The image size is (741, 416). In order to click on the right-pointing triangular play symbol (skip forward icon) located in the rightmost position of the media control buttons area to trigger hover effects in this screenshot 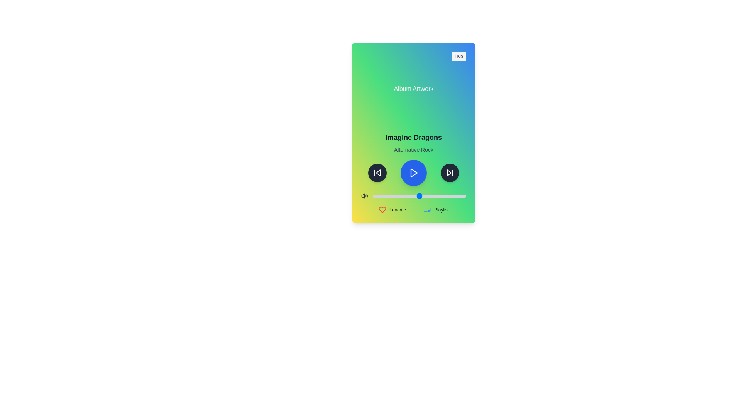, I will do `click(450, 172)`.